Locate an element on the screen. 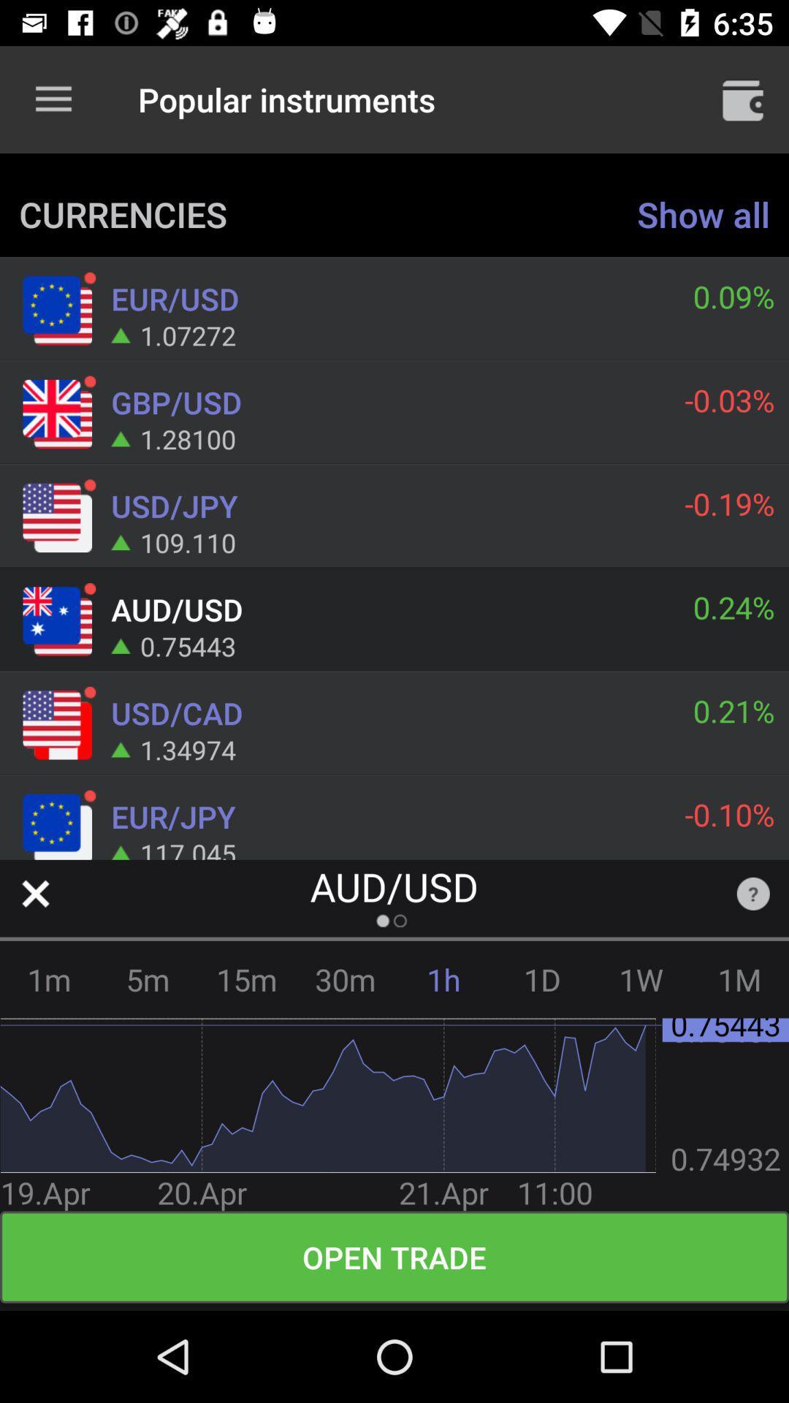 The image size is (789, 1403). the item to the right of 30m is located at coordinates (443, 979).